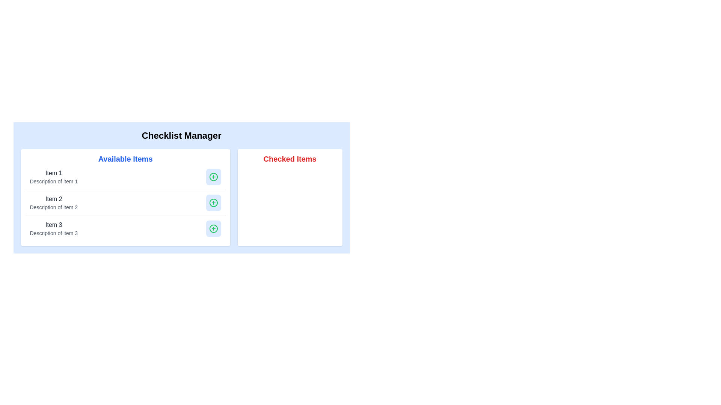 This screenshot has width=721, height=405. What do you see at coordinates (213, 228) in the screenshot?
I see `the circular button with a green outline and a plus symbol, located in the 'Available Items' section` at bounding box center [213, 228].